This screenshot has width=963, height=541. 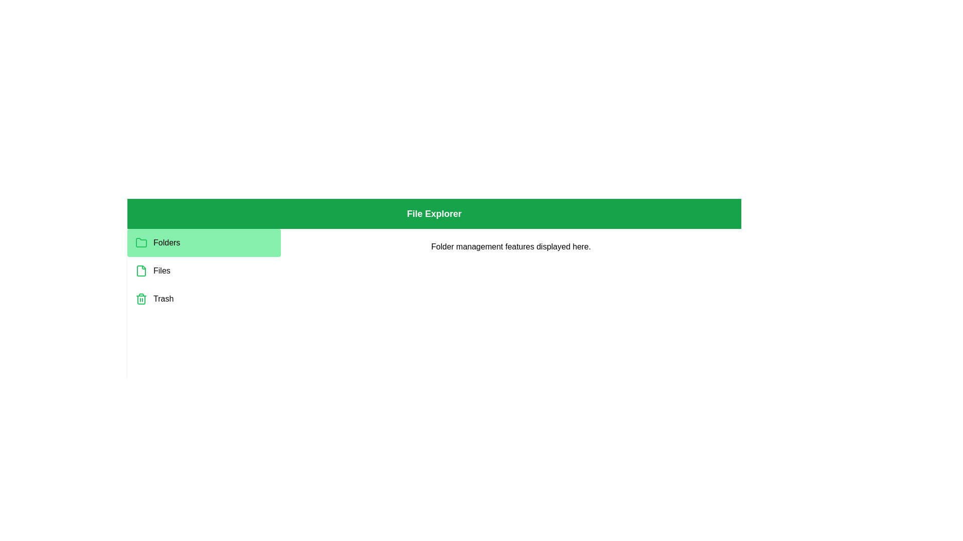 I want to click on the Folders menu by clicking on its corresponding menu item, so click(x=204, y=243).